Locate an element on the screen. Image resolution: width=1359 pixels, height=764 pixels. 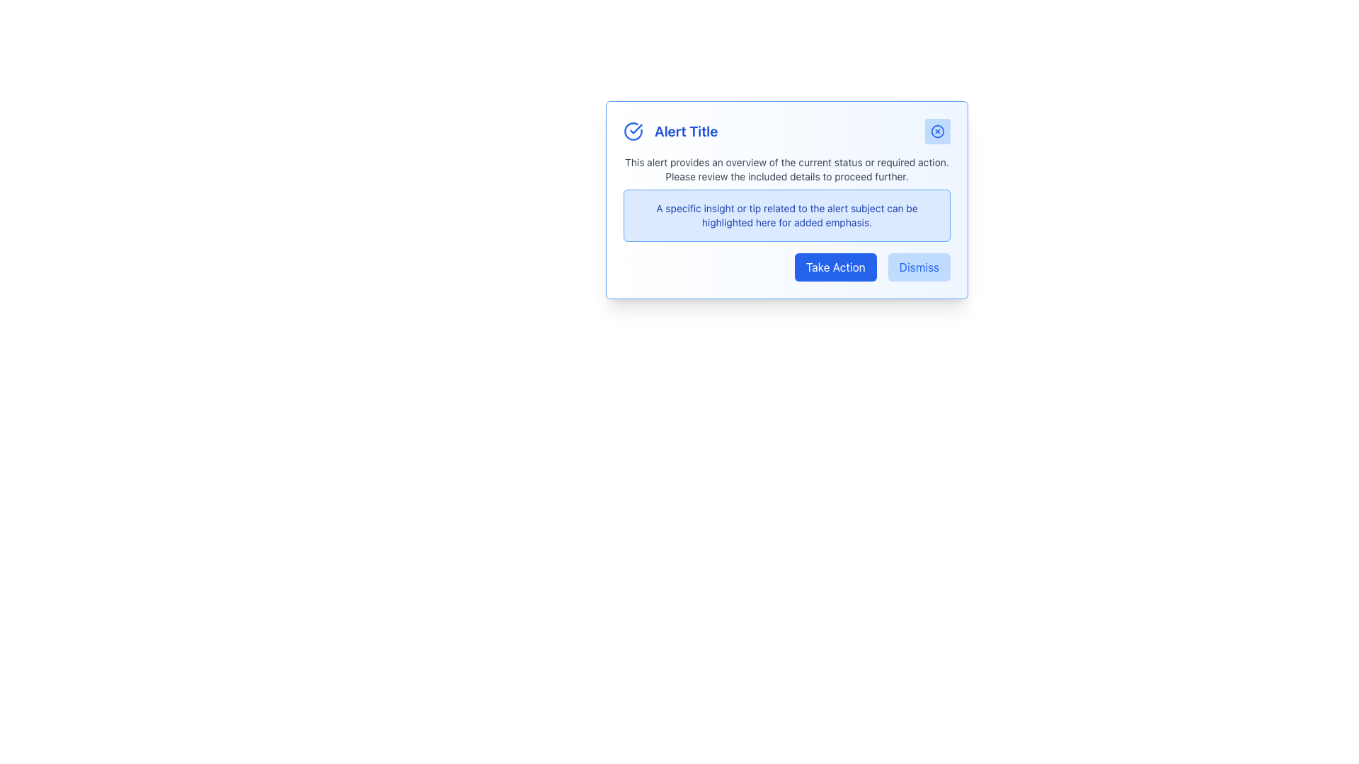
the text label 'Alert Title' which is styled in blue, bold, and larger font, located at the top-left corner of the dialog box is located at coordinates (686, 131).